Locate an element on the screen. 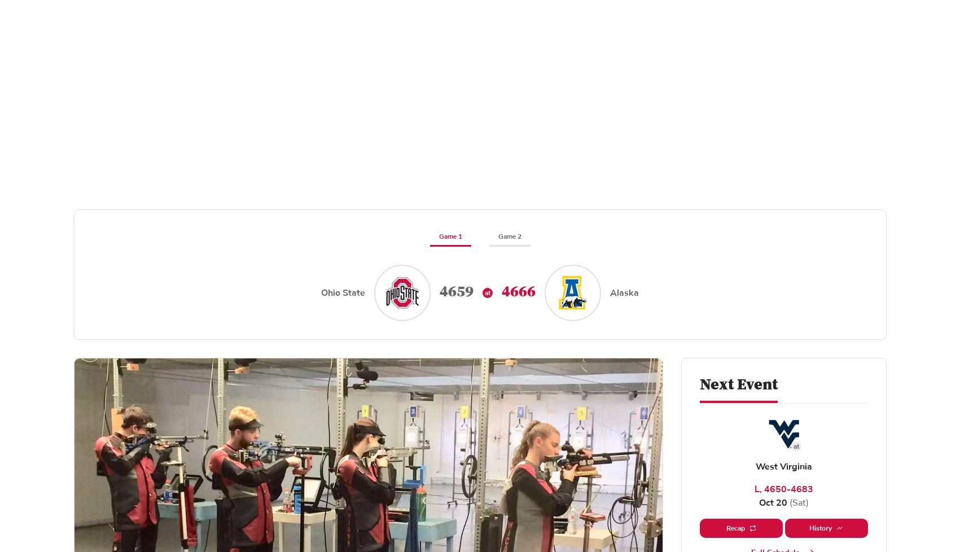  'Recruiting' is located at coordinates (771, 81).